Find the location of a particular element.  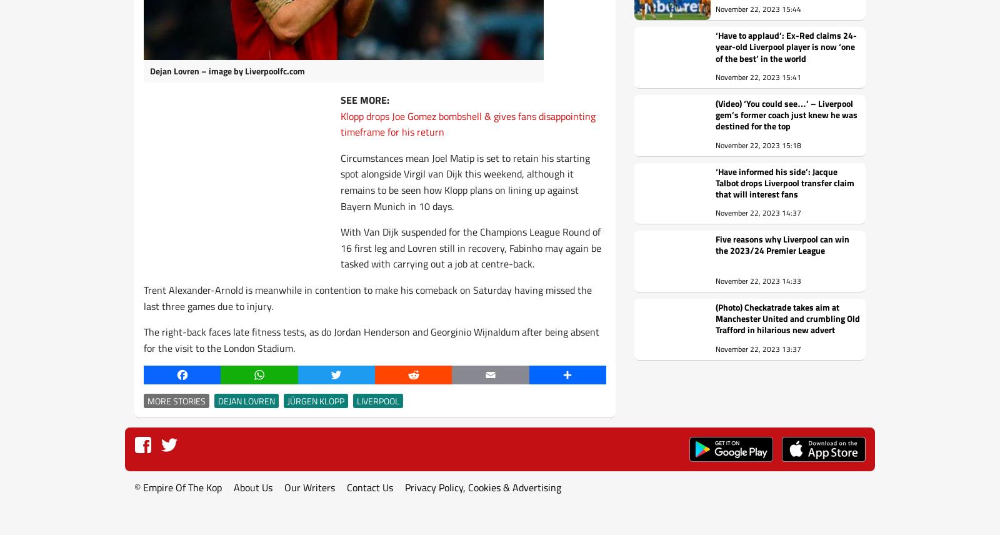

'Circumstances mean Joel Matip is set to retain his starting spot alongside Virgil van Dijk this weekend, although it remains to be seen how Klopp plans on lining up against Bayern Munich in 10 days.' is located at coordinates (465, 181).